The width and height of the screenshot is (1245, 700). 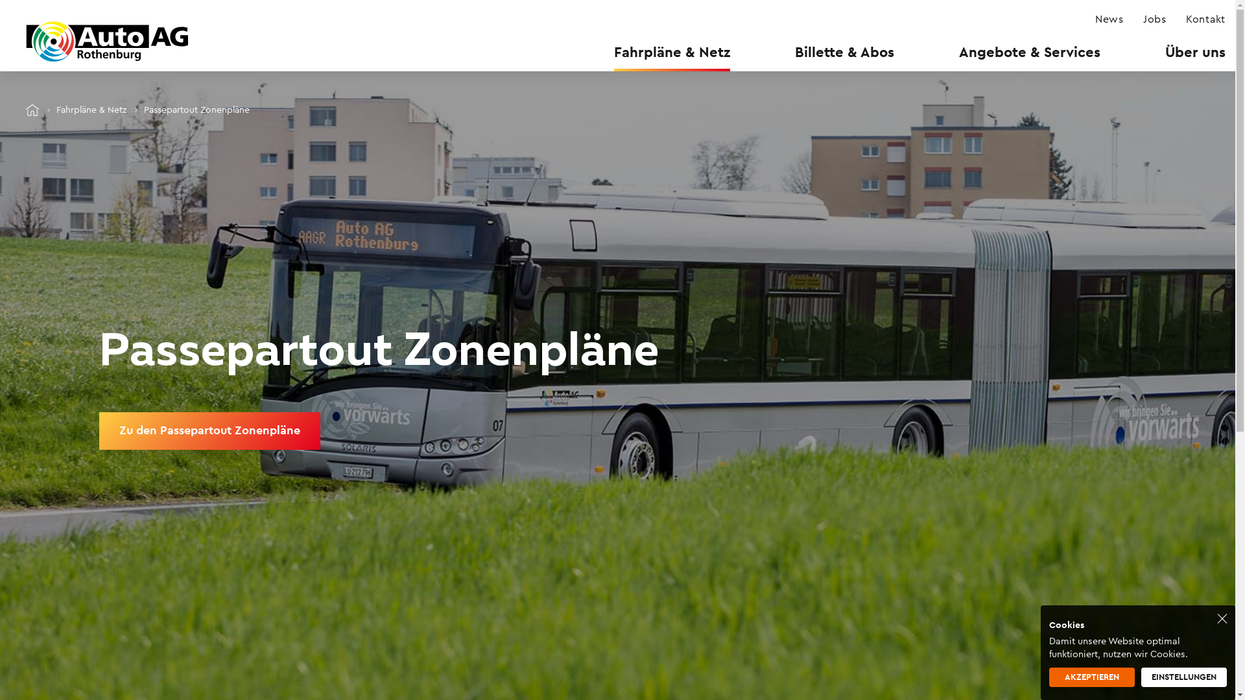 What do you see at coordinates (1029, 51) in the screenshot?
I see `'Angebote & Services'` at bounding box center [1029, 51].